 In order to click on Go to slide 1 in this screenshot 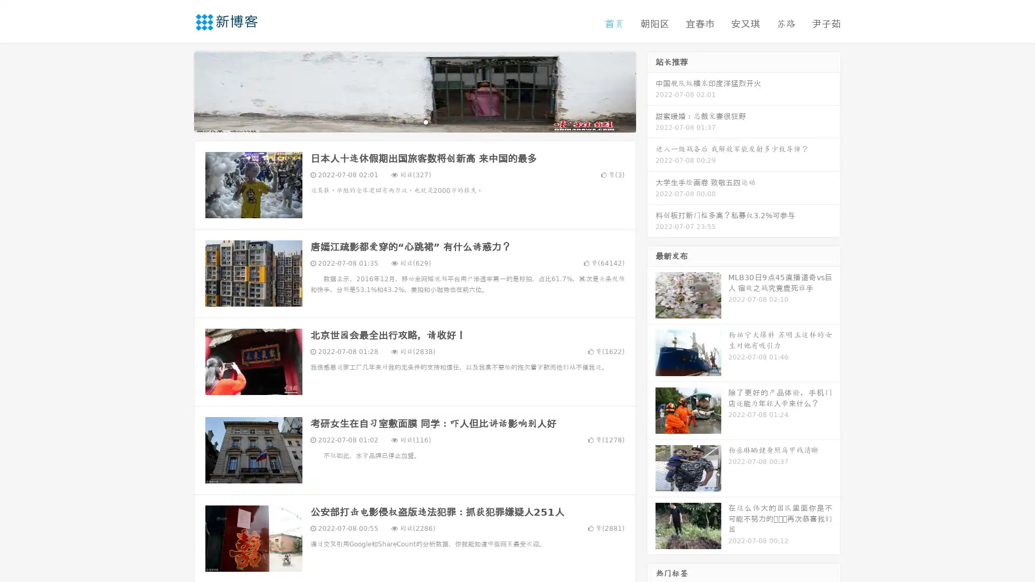, I will do `click(403, 121)`.